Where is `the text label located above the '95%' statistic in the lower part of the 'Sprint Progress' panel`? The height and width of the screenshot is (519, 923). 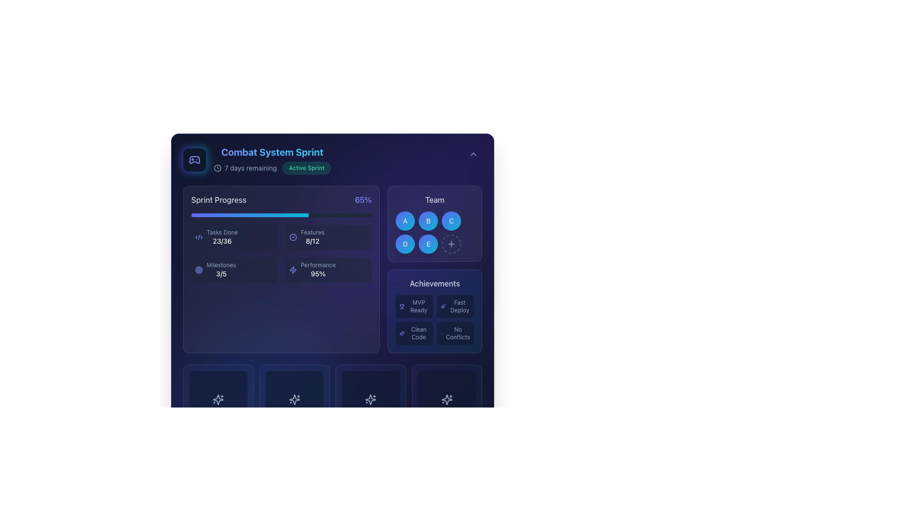 the text label located above the '95%' statistic in the lower part of the 'Sprint Progress' panel is located at coordinates (318, 265).